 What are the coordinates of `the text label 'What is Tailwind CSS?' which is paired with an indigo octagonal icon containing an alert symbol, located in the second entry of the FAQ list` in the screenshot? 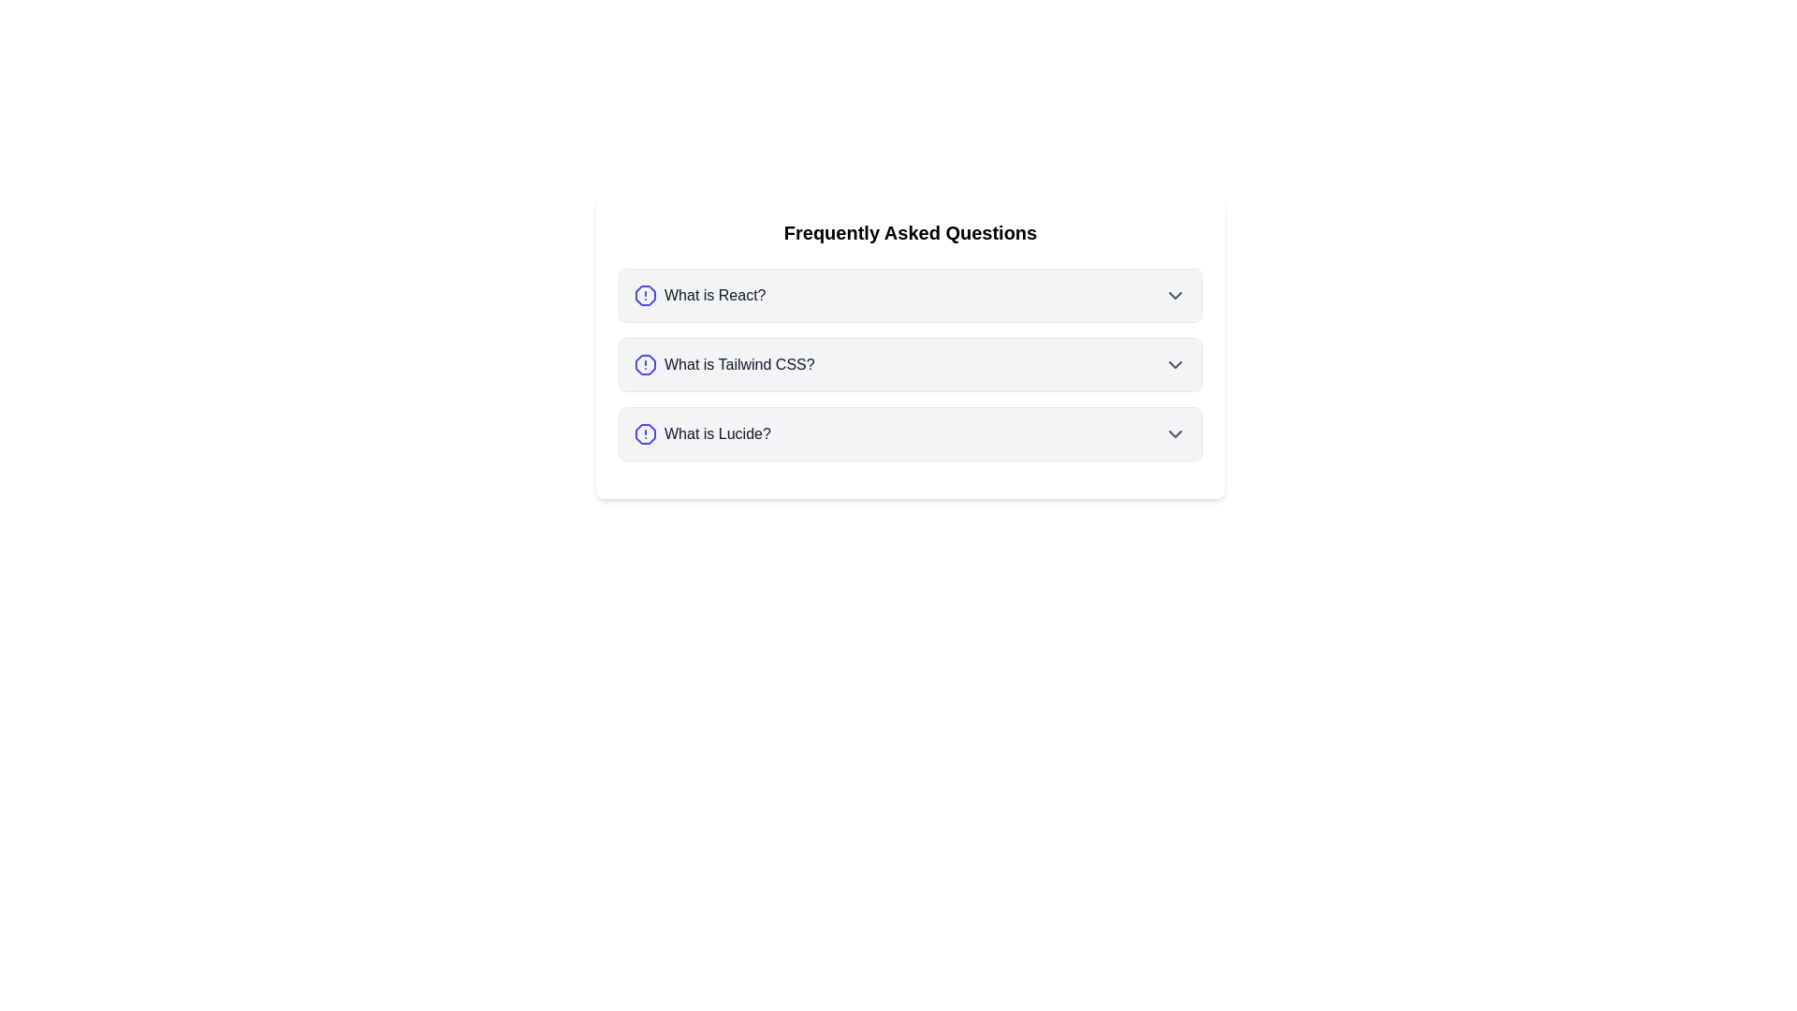 It's located at (723, 364).